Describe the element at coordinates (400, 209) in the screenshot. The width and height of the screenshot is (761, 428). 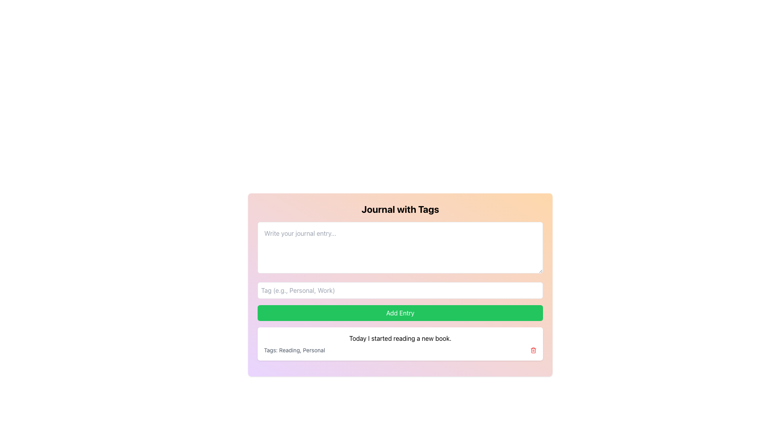
I see `the heading element of the journaling card, which serves as the title or header and is centrally aligned at the top of the card` at that location.